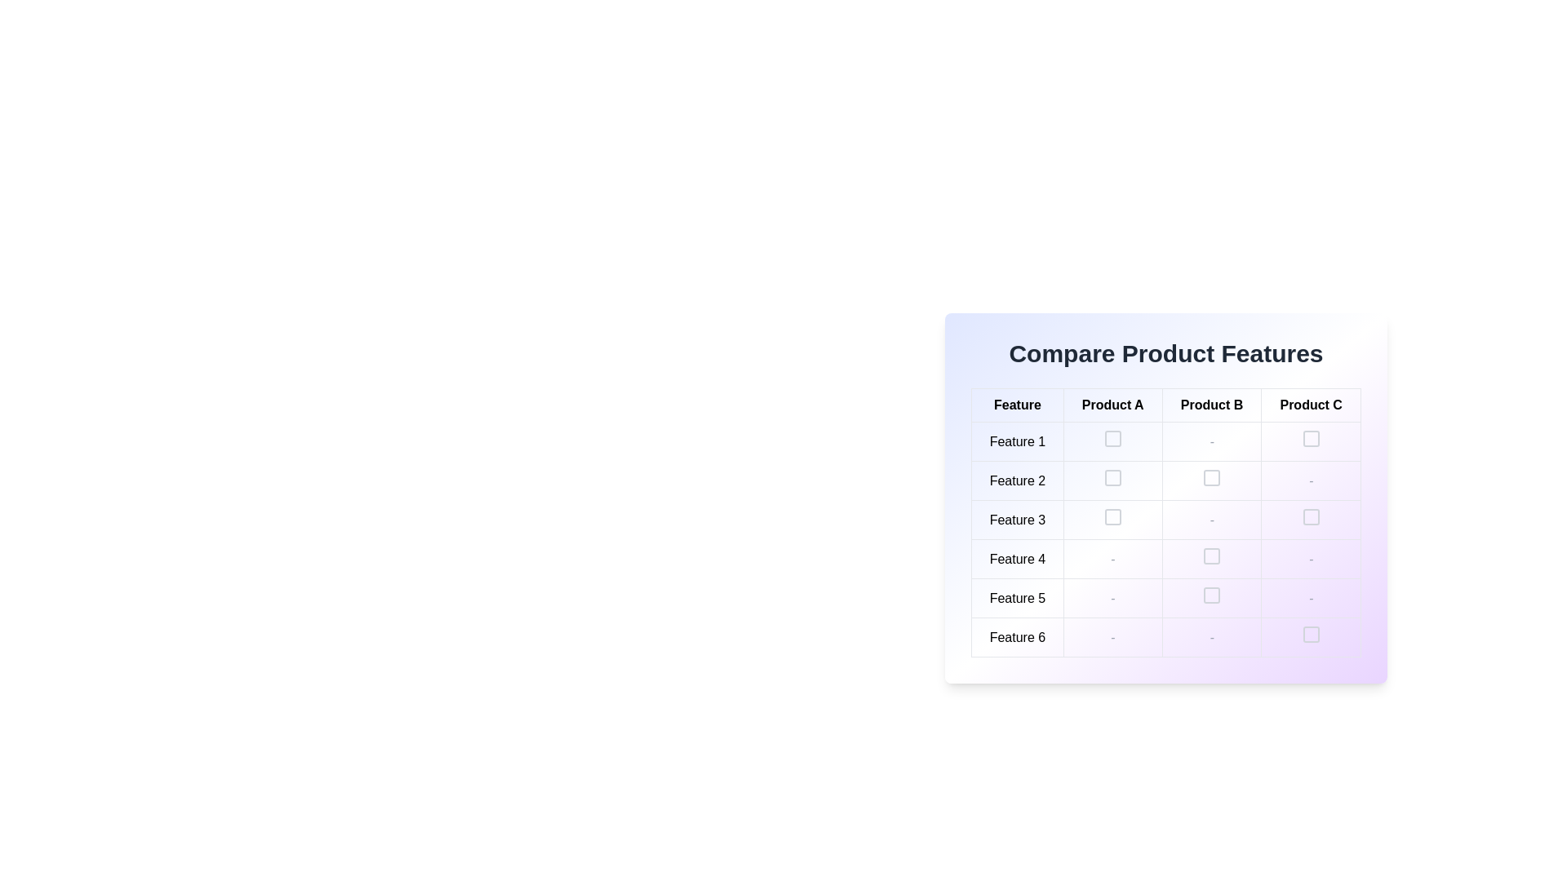 The width and height of the screenshot is (1567, 881). What do you see at coordinates (1016, 480) in the screenshot?
I see `the text label displaying 'Feature 2' in the second row of the feature comparison table` at bounding box center [1016, 480].